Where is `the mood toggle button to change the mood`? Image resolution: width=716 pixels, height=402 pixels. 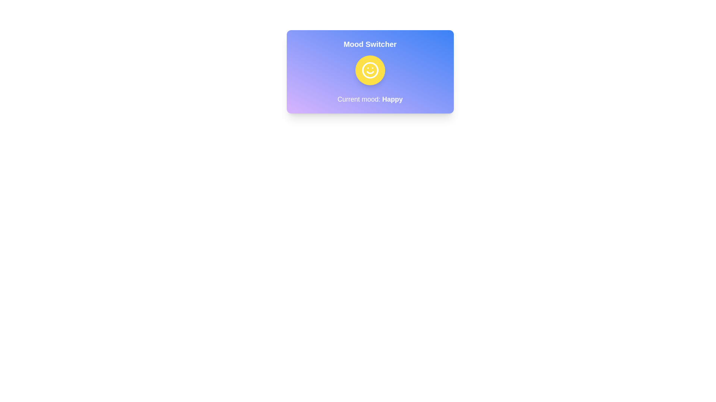 the mood toggle button to change the mood is located at coordinates (370, 70).